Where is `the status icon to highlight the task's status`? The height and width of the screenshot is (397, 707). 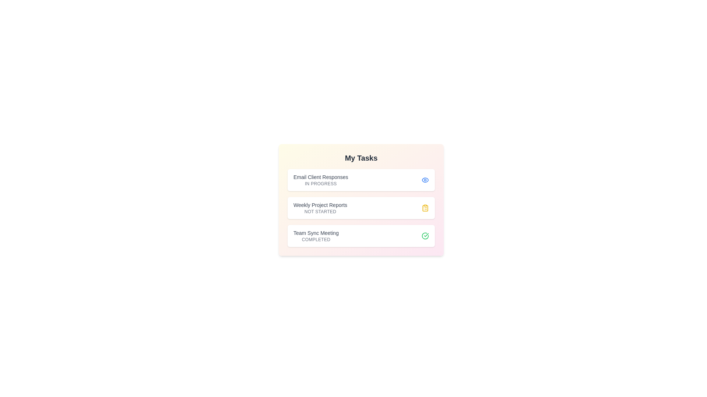 the status icon to highlight the task's status is located at coordinates (425, 180).